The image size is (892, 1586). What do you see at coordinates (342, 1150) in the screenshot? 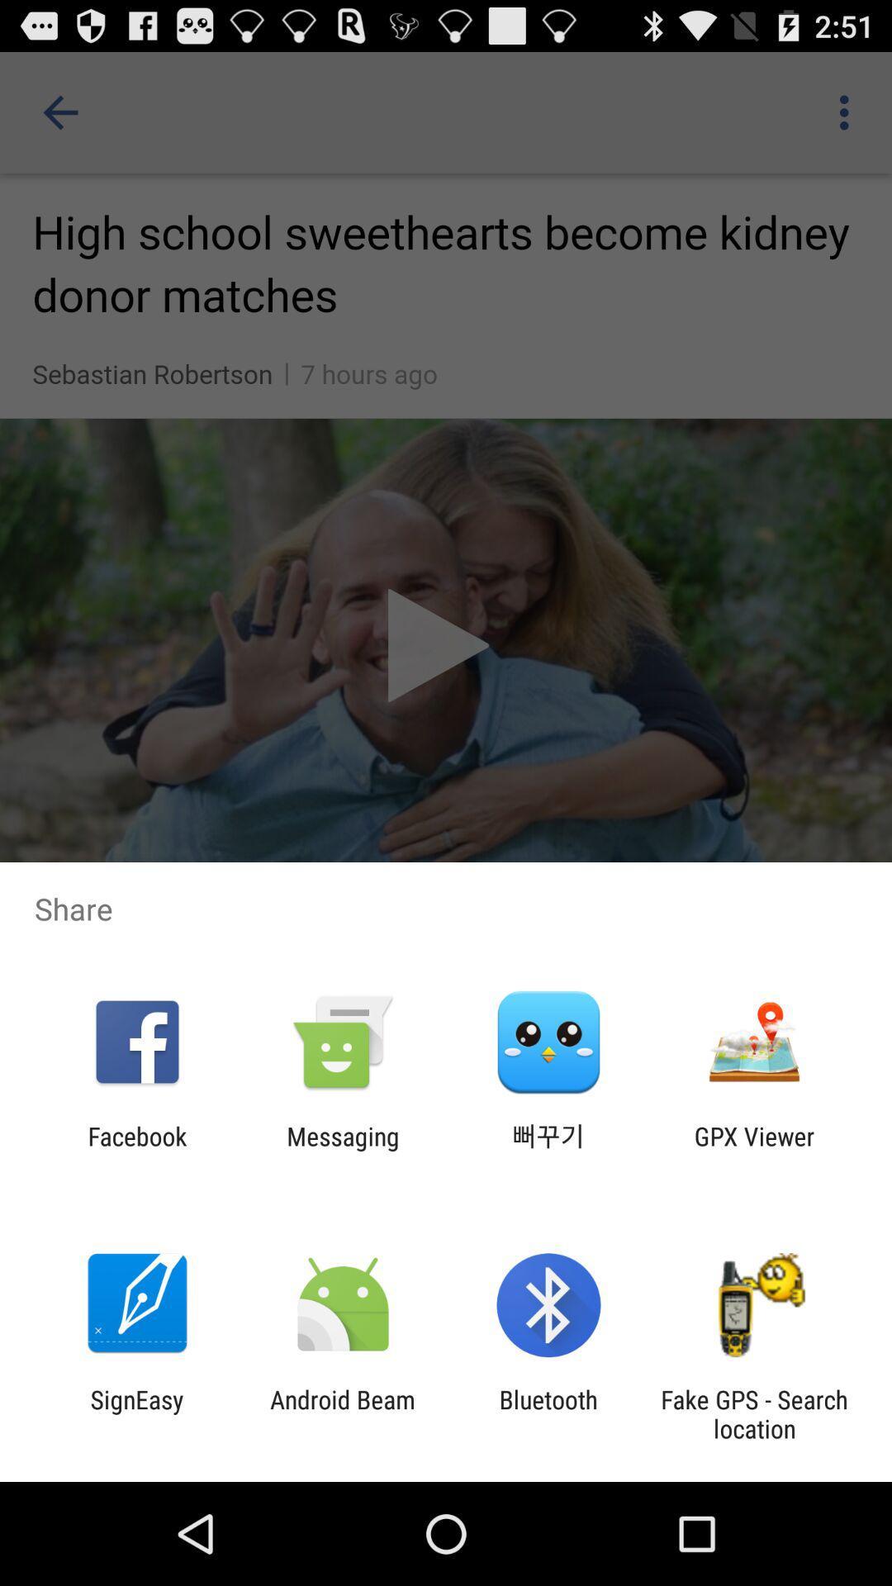
I see `the messaging icon` at bounding box center [342, 1150].